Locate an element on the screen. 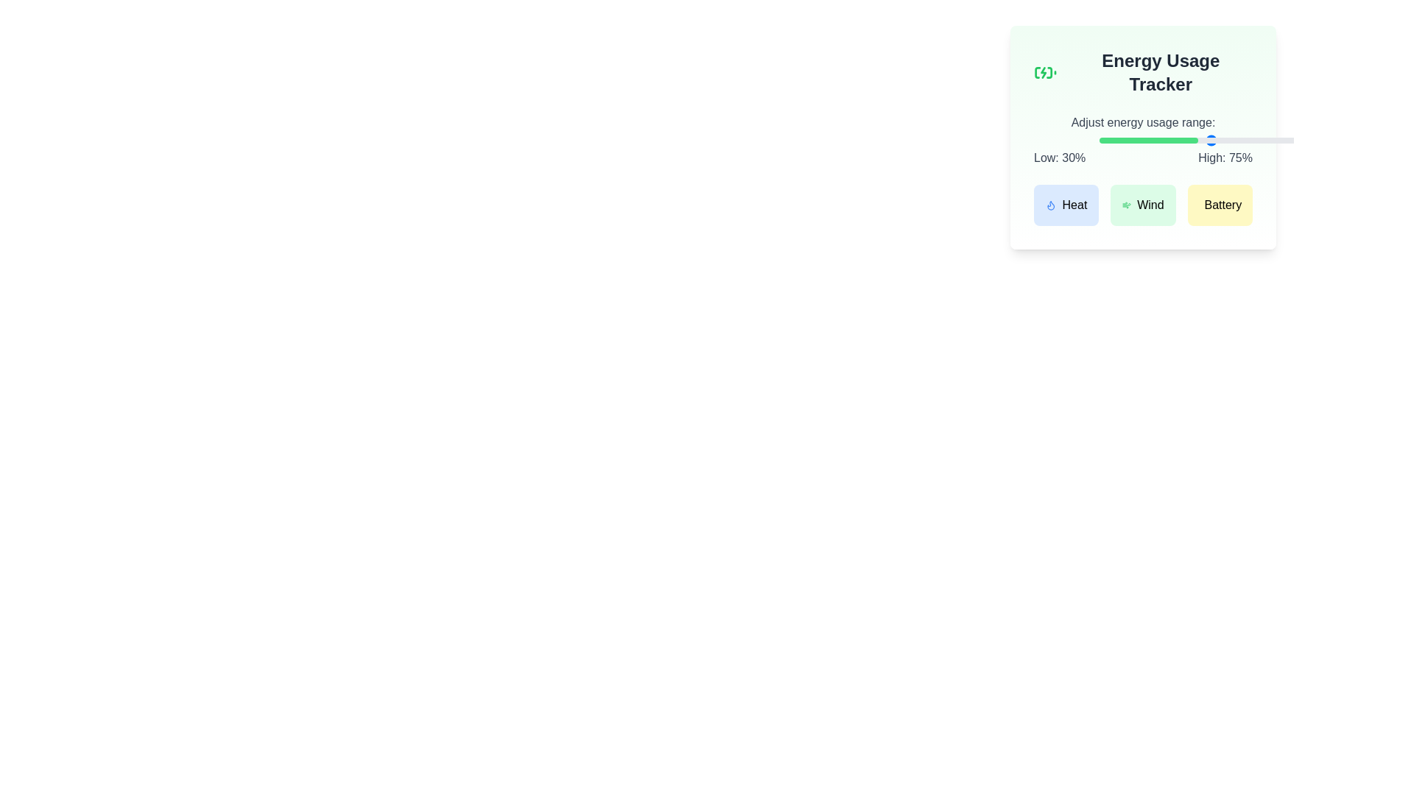 The image size is (1414, 795). the 'Heat' energy category button located in the bottom left of the 'Energy Usage Tracker' card is located at coordinates (1074, 205).